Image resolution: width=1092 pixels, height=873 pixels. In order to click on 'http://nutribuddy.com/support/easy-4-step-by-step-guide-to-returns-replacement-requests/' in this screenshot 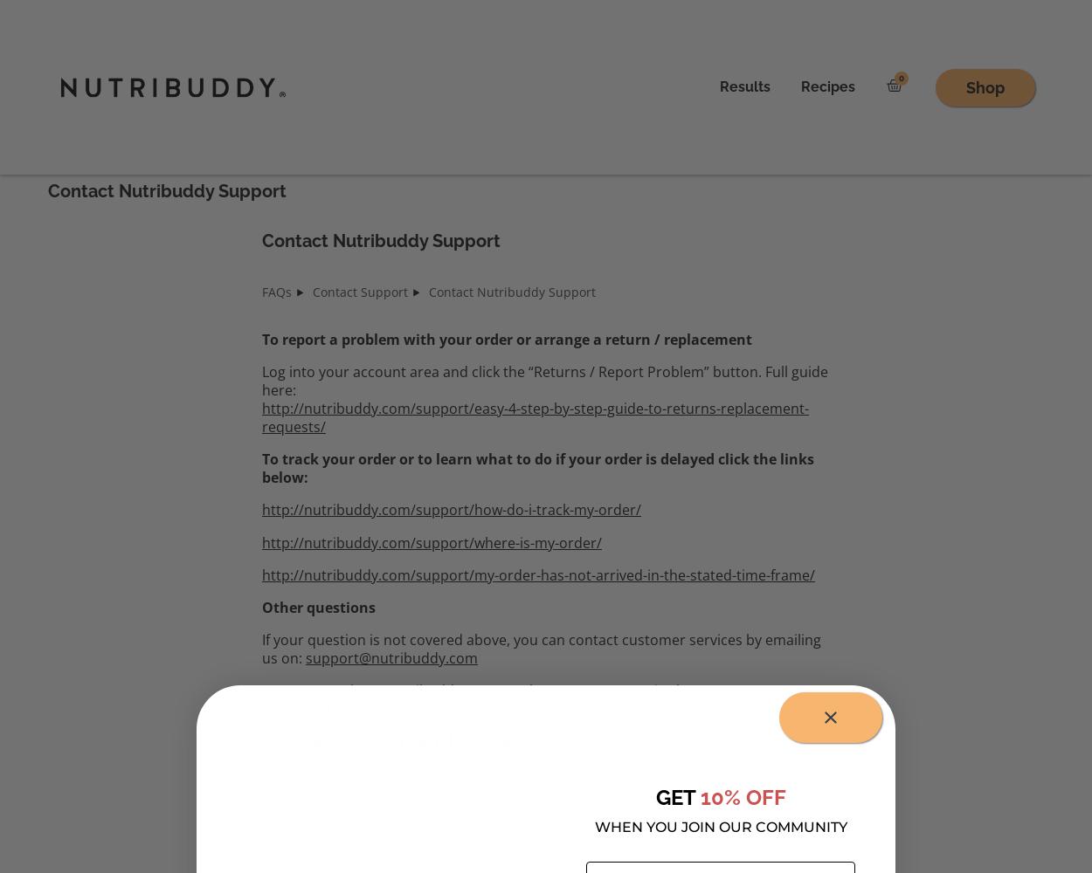, I will do `click(535, 416)`.